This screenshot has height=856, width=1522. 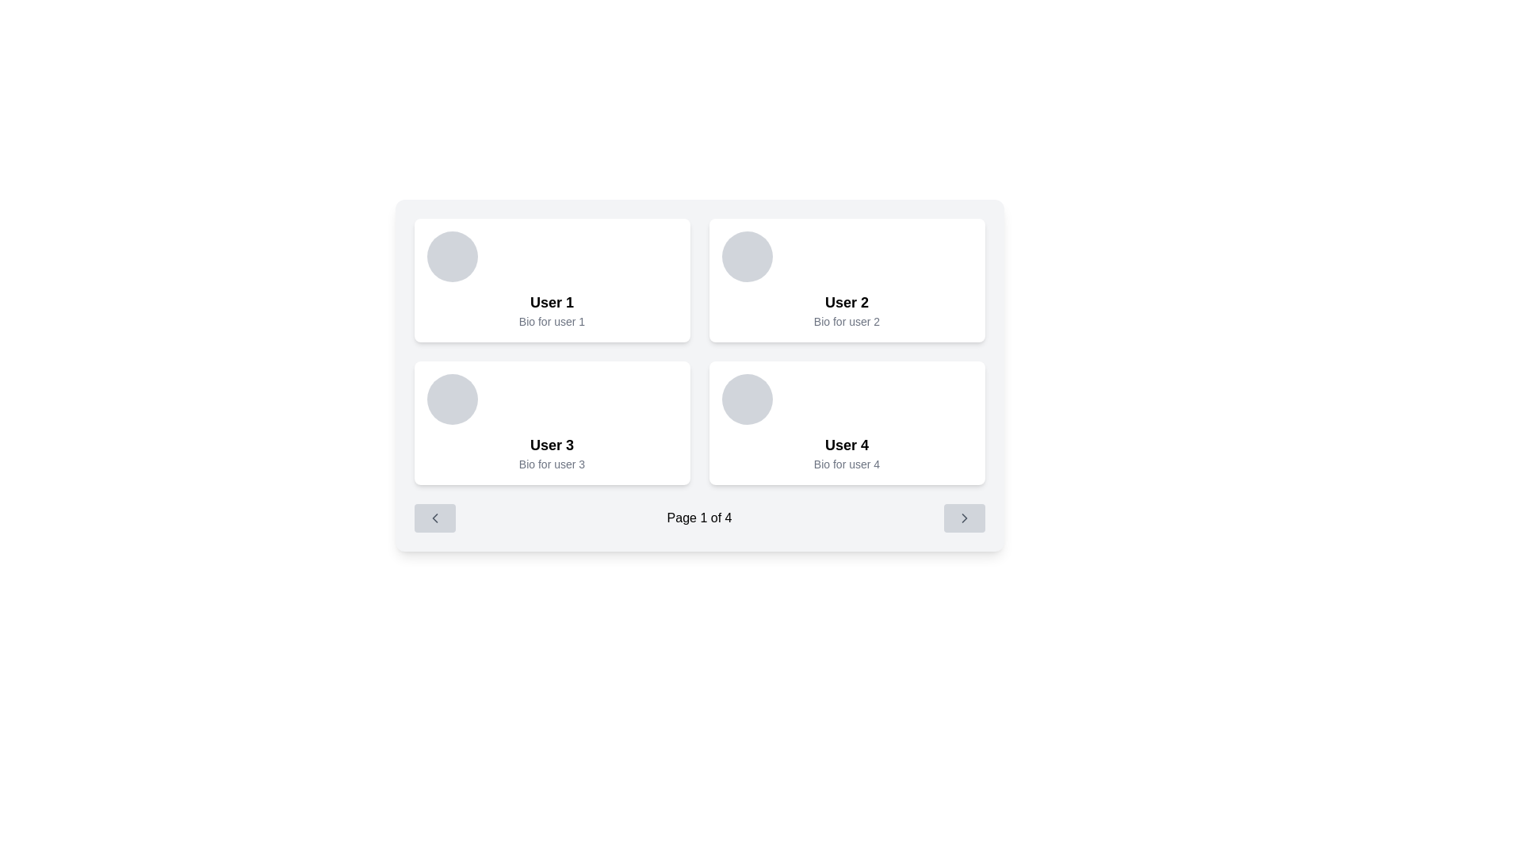 I want to click on the text label indicating the current page number and total pages in the bottom navigation bar, so click(x=698, y=518).